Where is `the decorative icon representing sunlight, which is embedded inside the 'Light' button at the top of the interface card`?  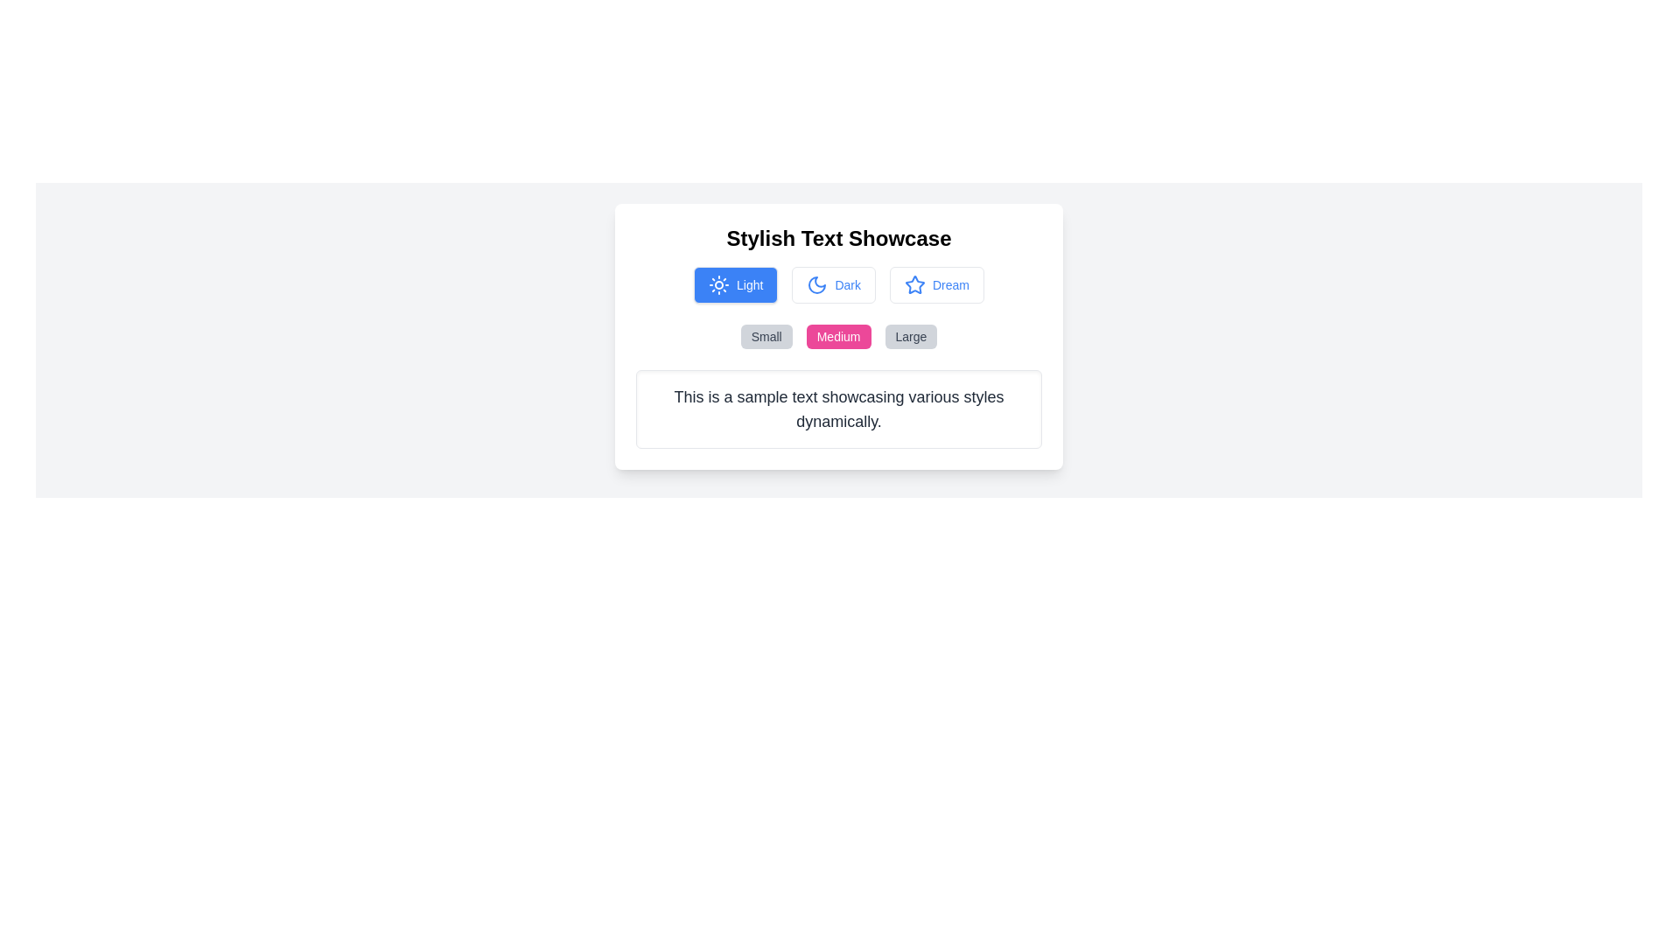 the decorative icon representing sunlight, which is embedded inside the 'Light' button at the top of the interface card is located at coordinates (718, 284).